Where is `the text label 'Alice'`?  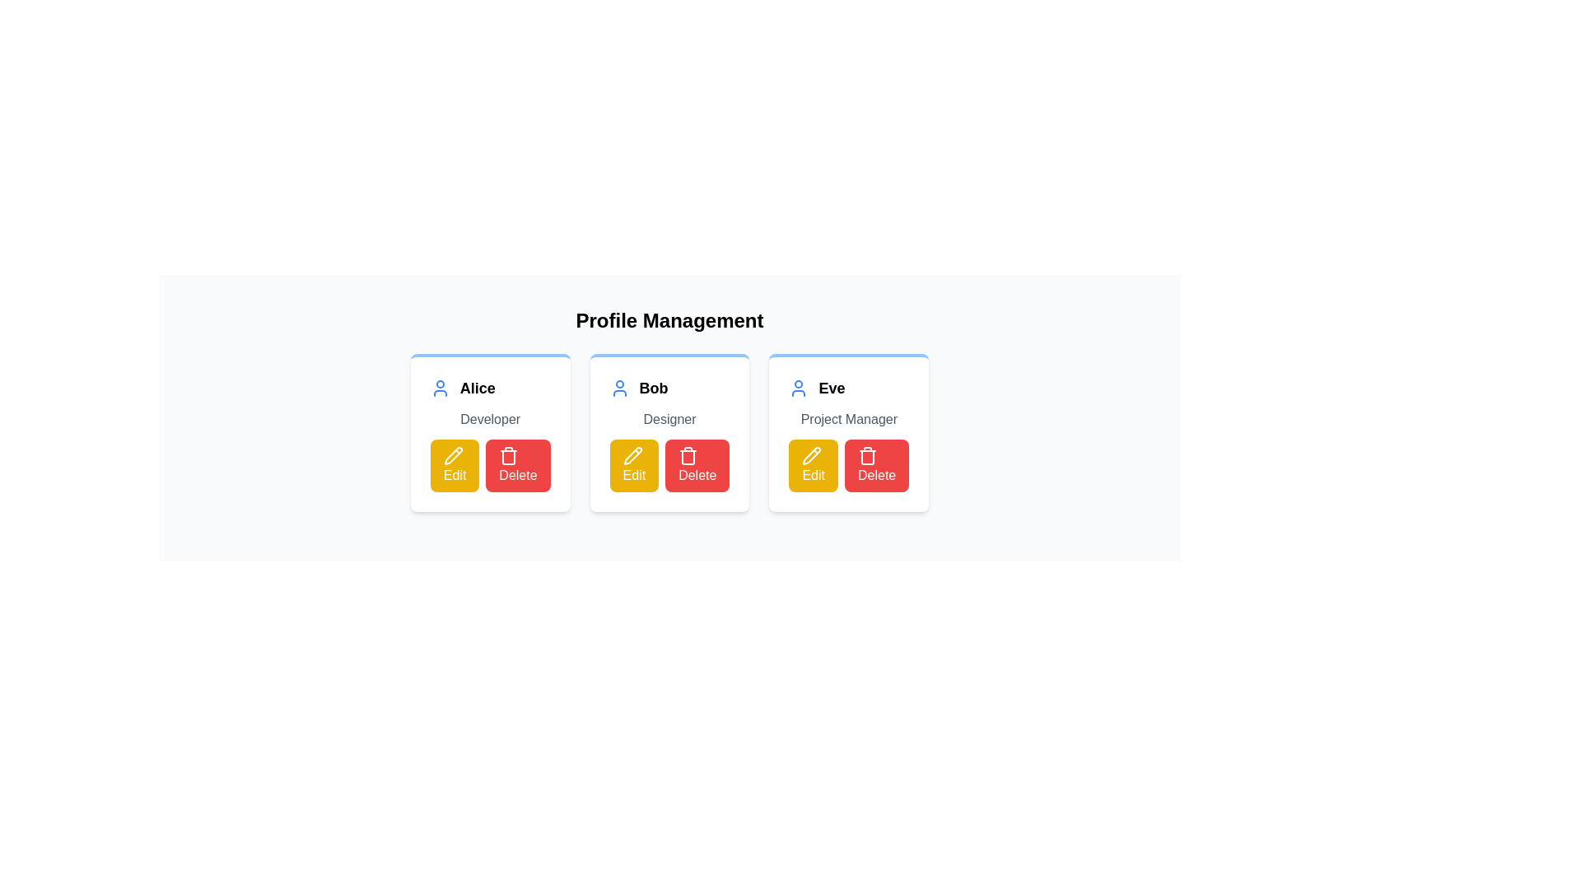 the text label 'Alice' is located at coordinates (489, 388).